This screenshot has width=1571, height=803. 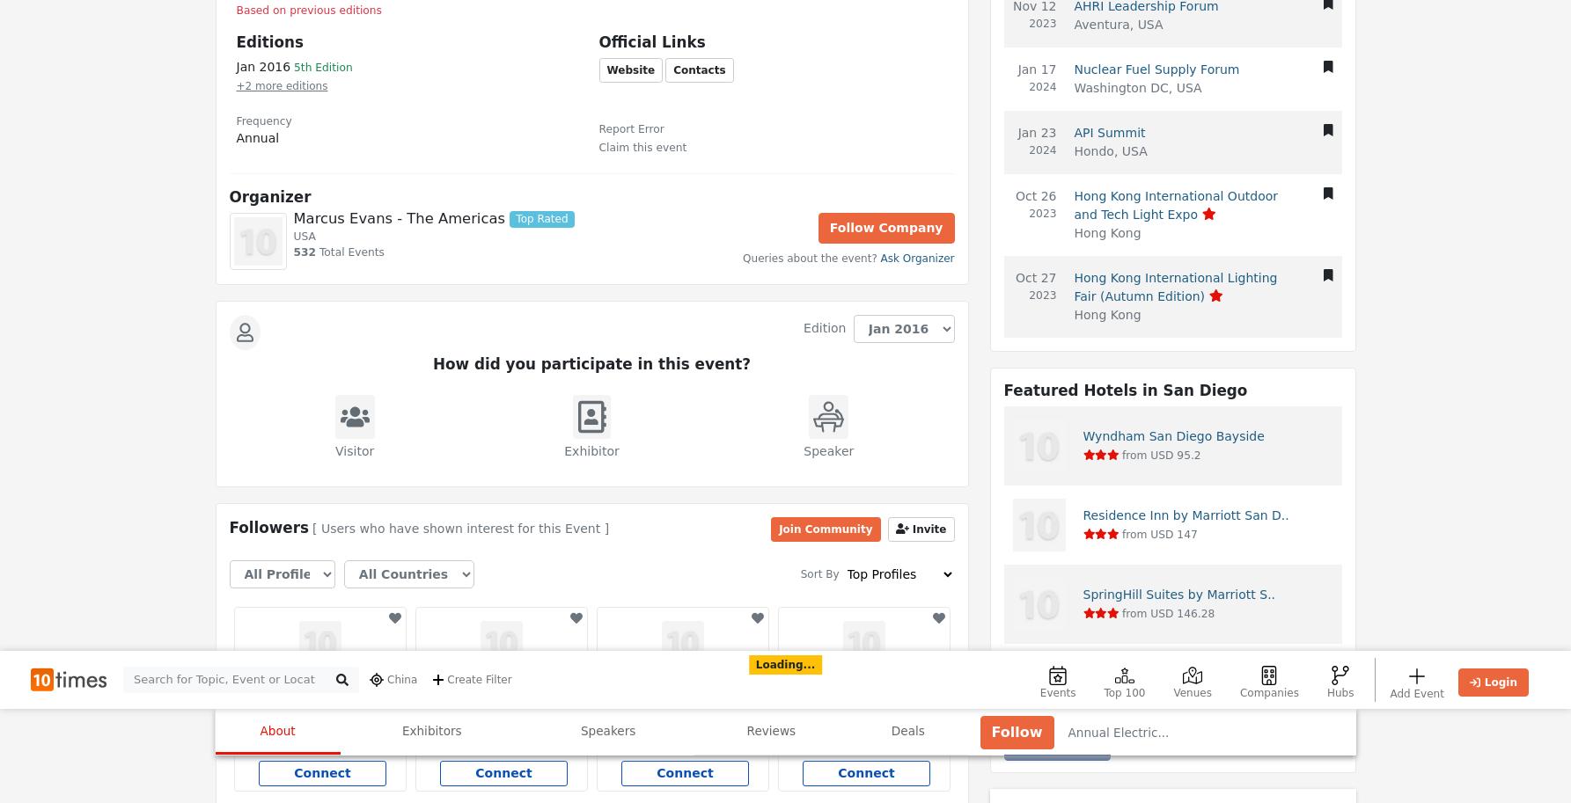 I want to click on 'BROWSE', so click(x=1104, y=756).